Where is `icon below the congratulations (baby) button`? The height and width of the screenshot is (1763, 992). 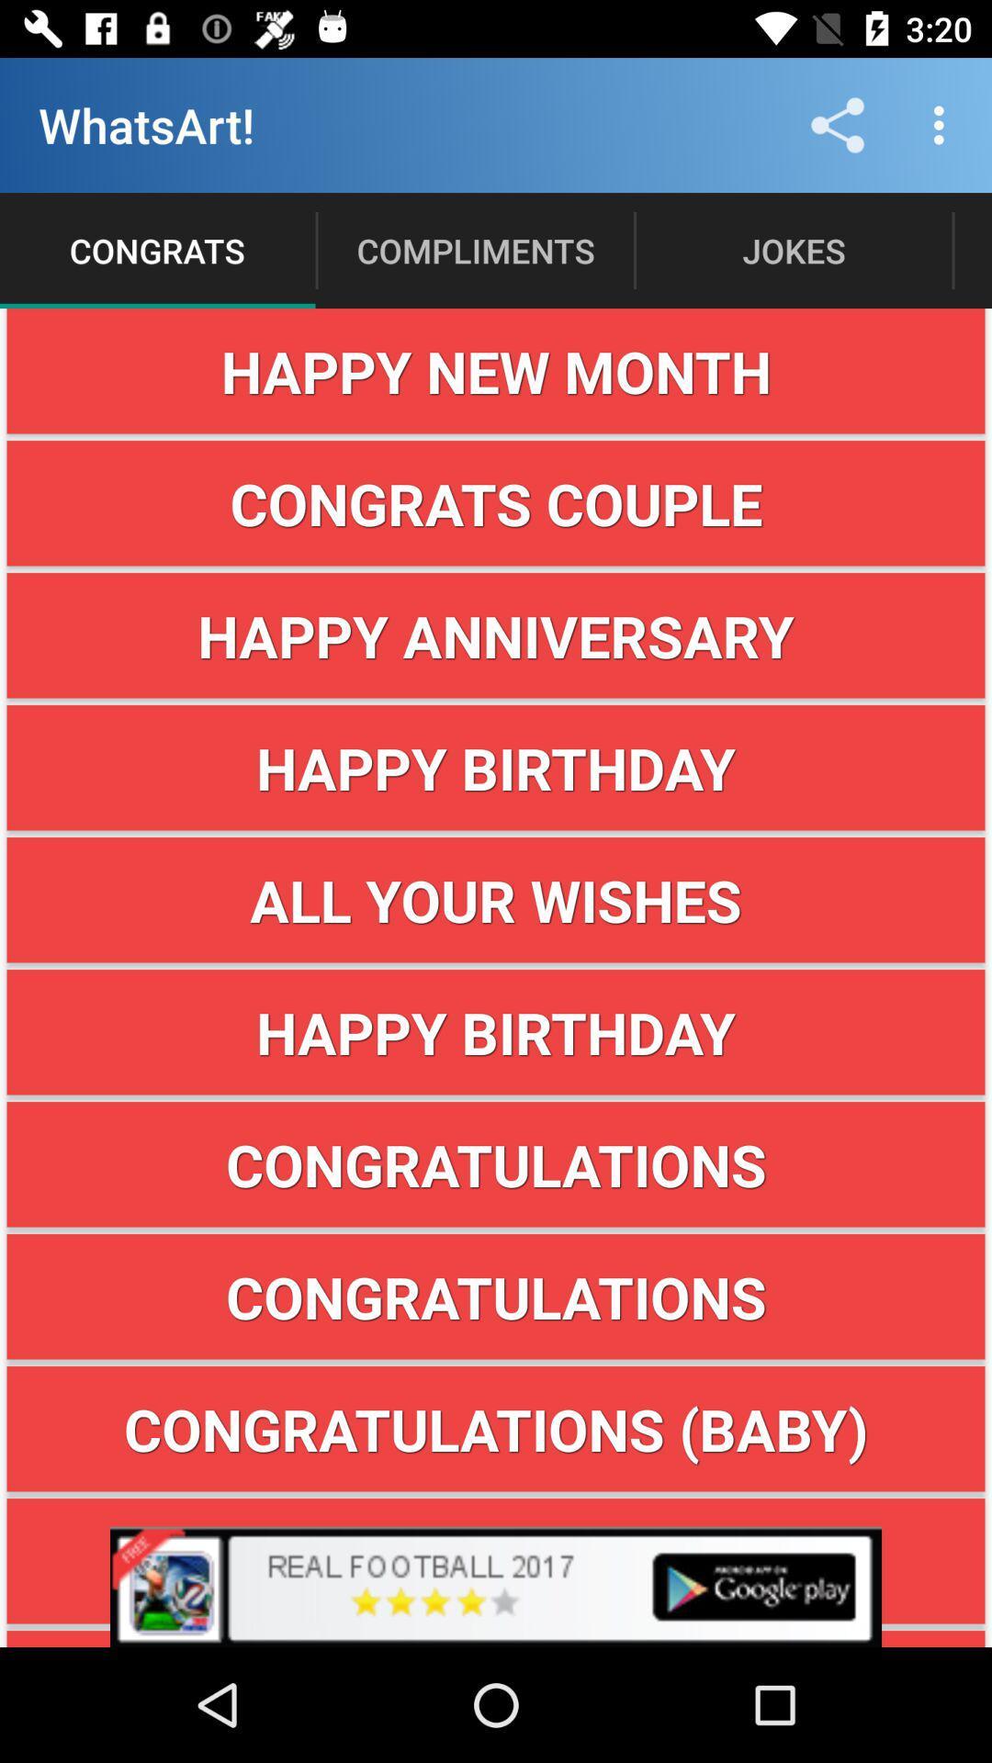
icon below the congratulations (baby) button is located at coordinates (496, 1586).